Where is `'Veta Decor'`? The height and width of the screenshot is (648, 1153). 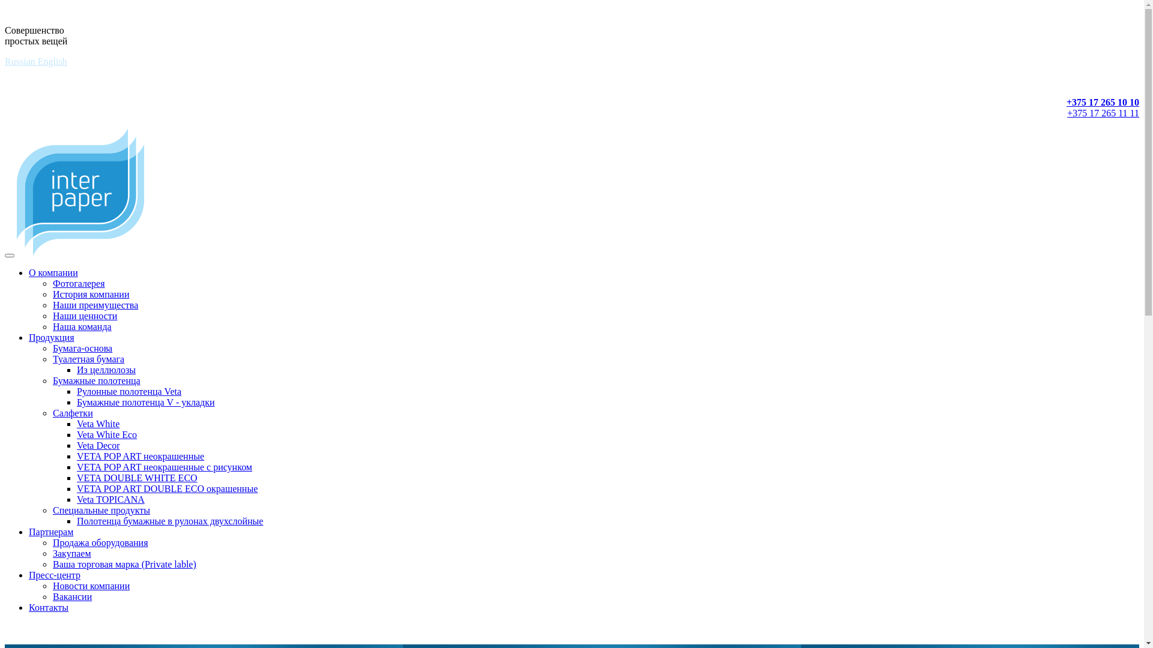 'Veta Decor' is located at coordinates (98, 445).